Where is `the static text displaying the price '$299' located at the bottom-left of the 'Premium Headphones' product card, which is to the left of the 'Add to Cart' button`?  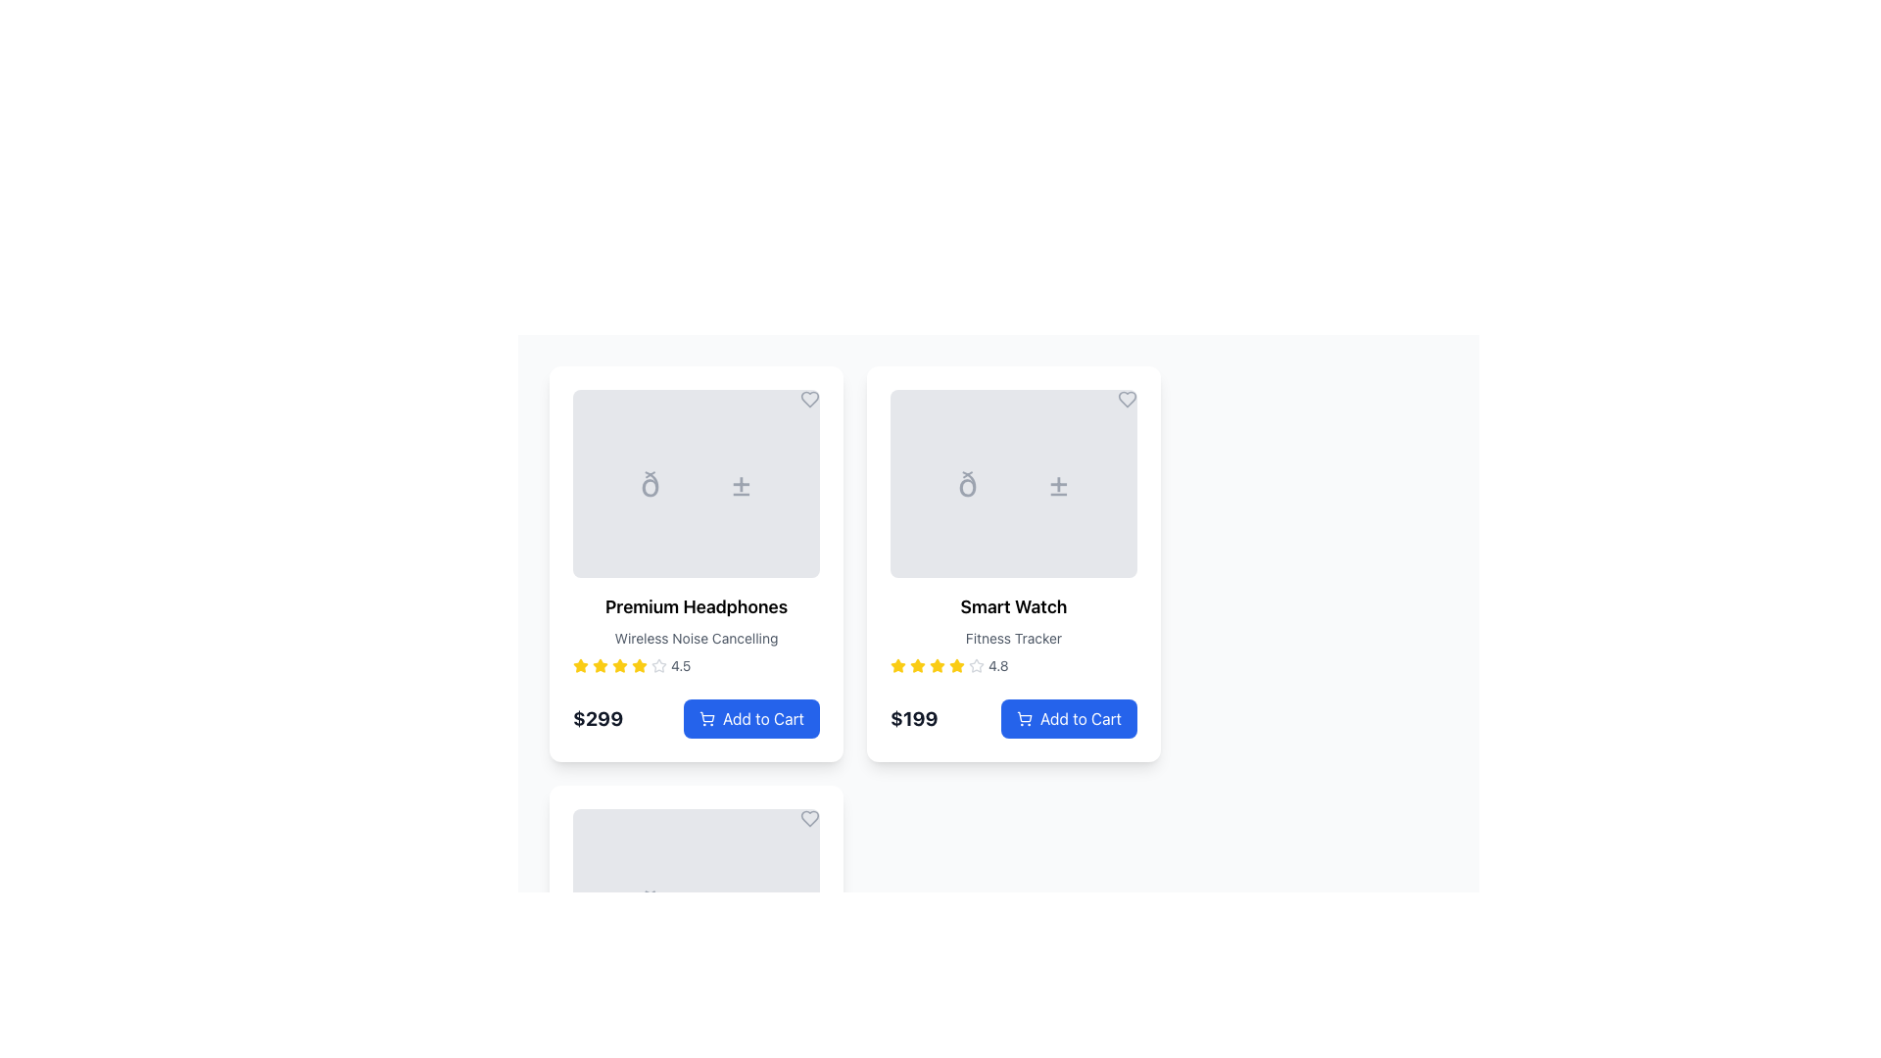 the static text displaying the price '$299' located at the bottom-left of the 'Premium Headphones' product card, which is to the left of the 'Add to Cart' button is located at coordinates (597, 718).